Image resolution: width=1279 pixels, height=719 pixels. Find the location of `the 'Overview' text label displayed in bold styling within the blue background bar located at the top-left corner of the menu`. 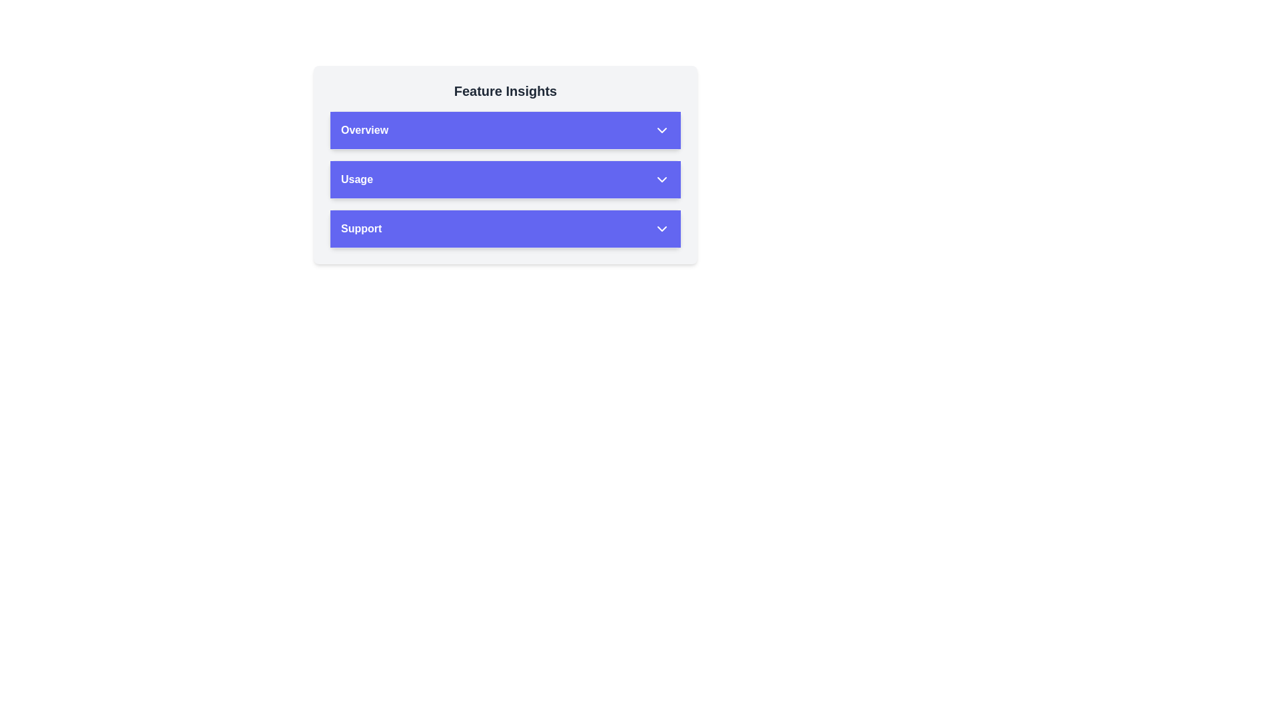

the 'Overview' text label displayed in bold styling within the blue background bar located at the top-left corner of the menu is located at coordinates (364, 130).